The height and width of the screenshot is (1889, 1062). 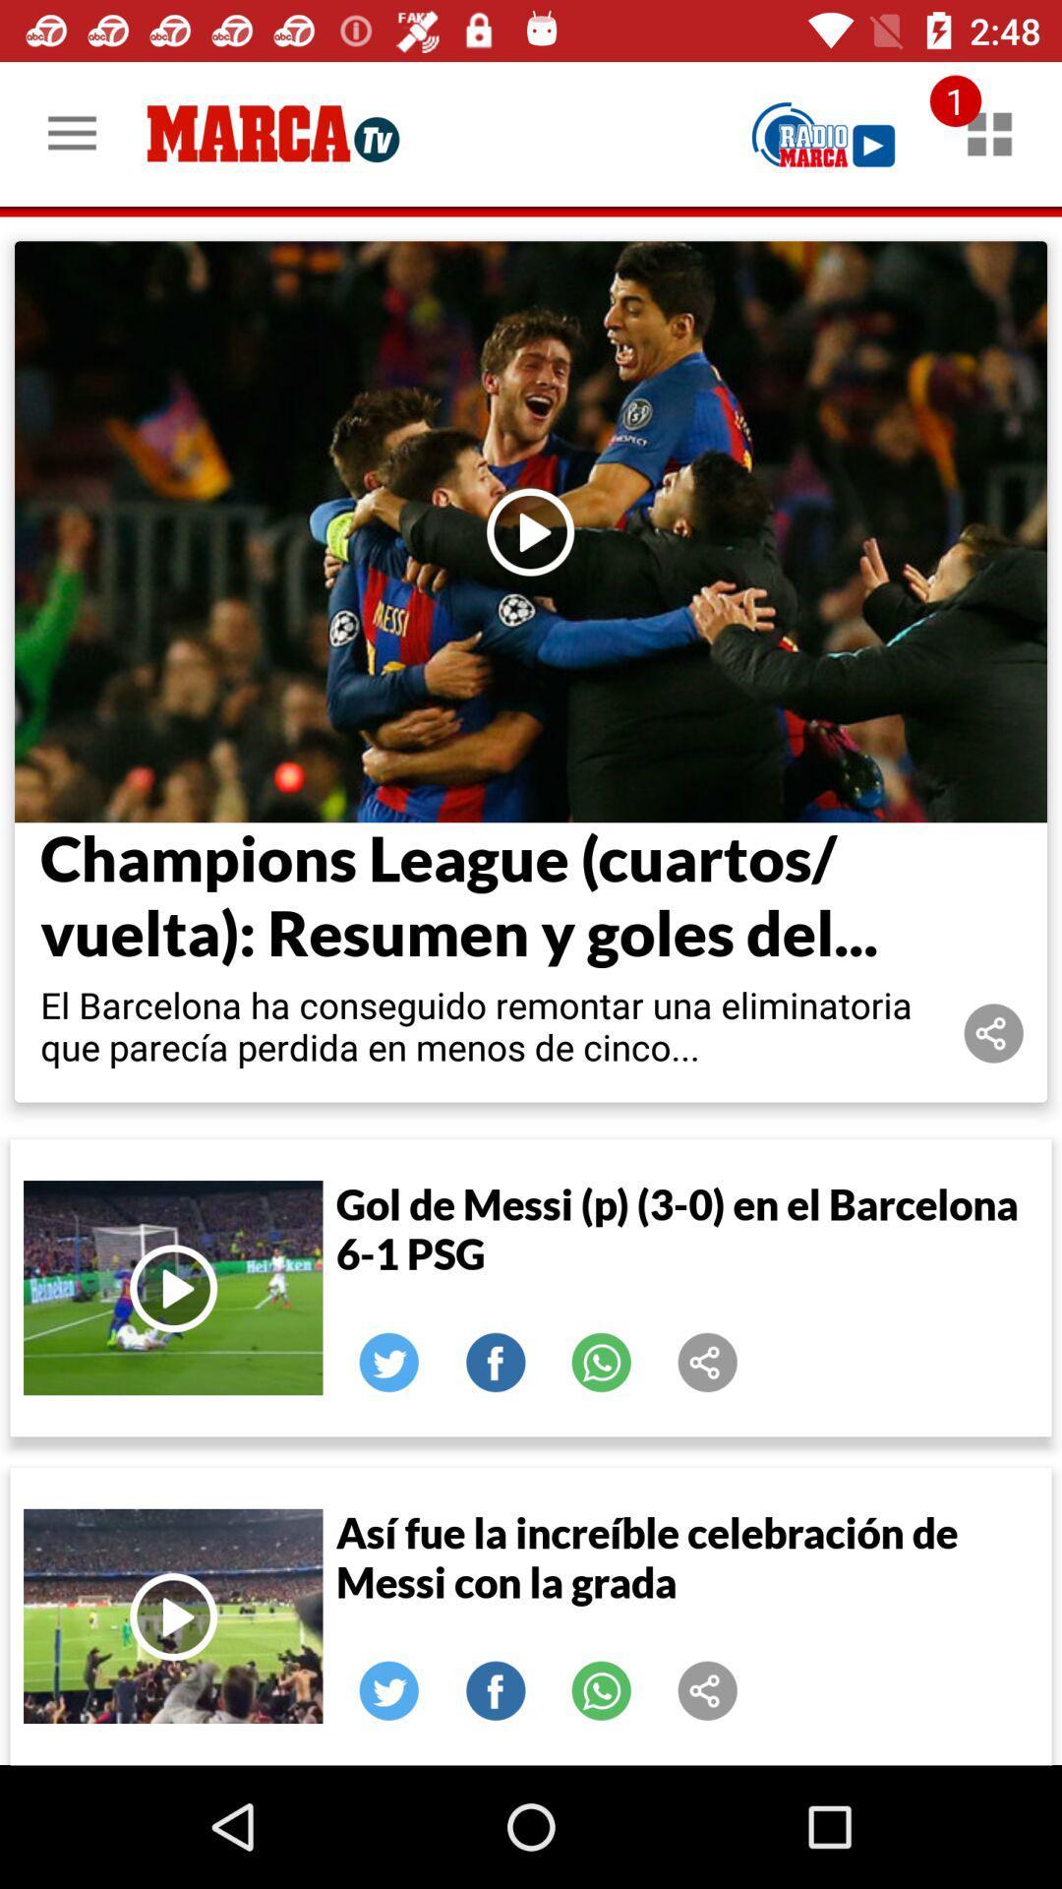 I want to click on video, so click(x=172, y=1288).